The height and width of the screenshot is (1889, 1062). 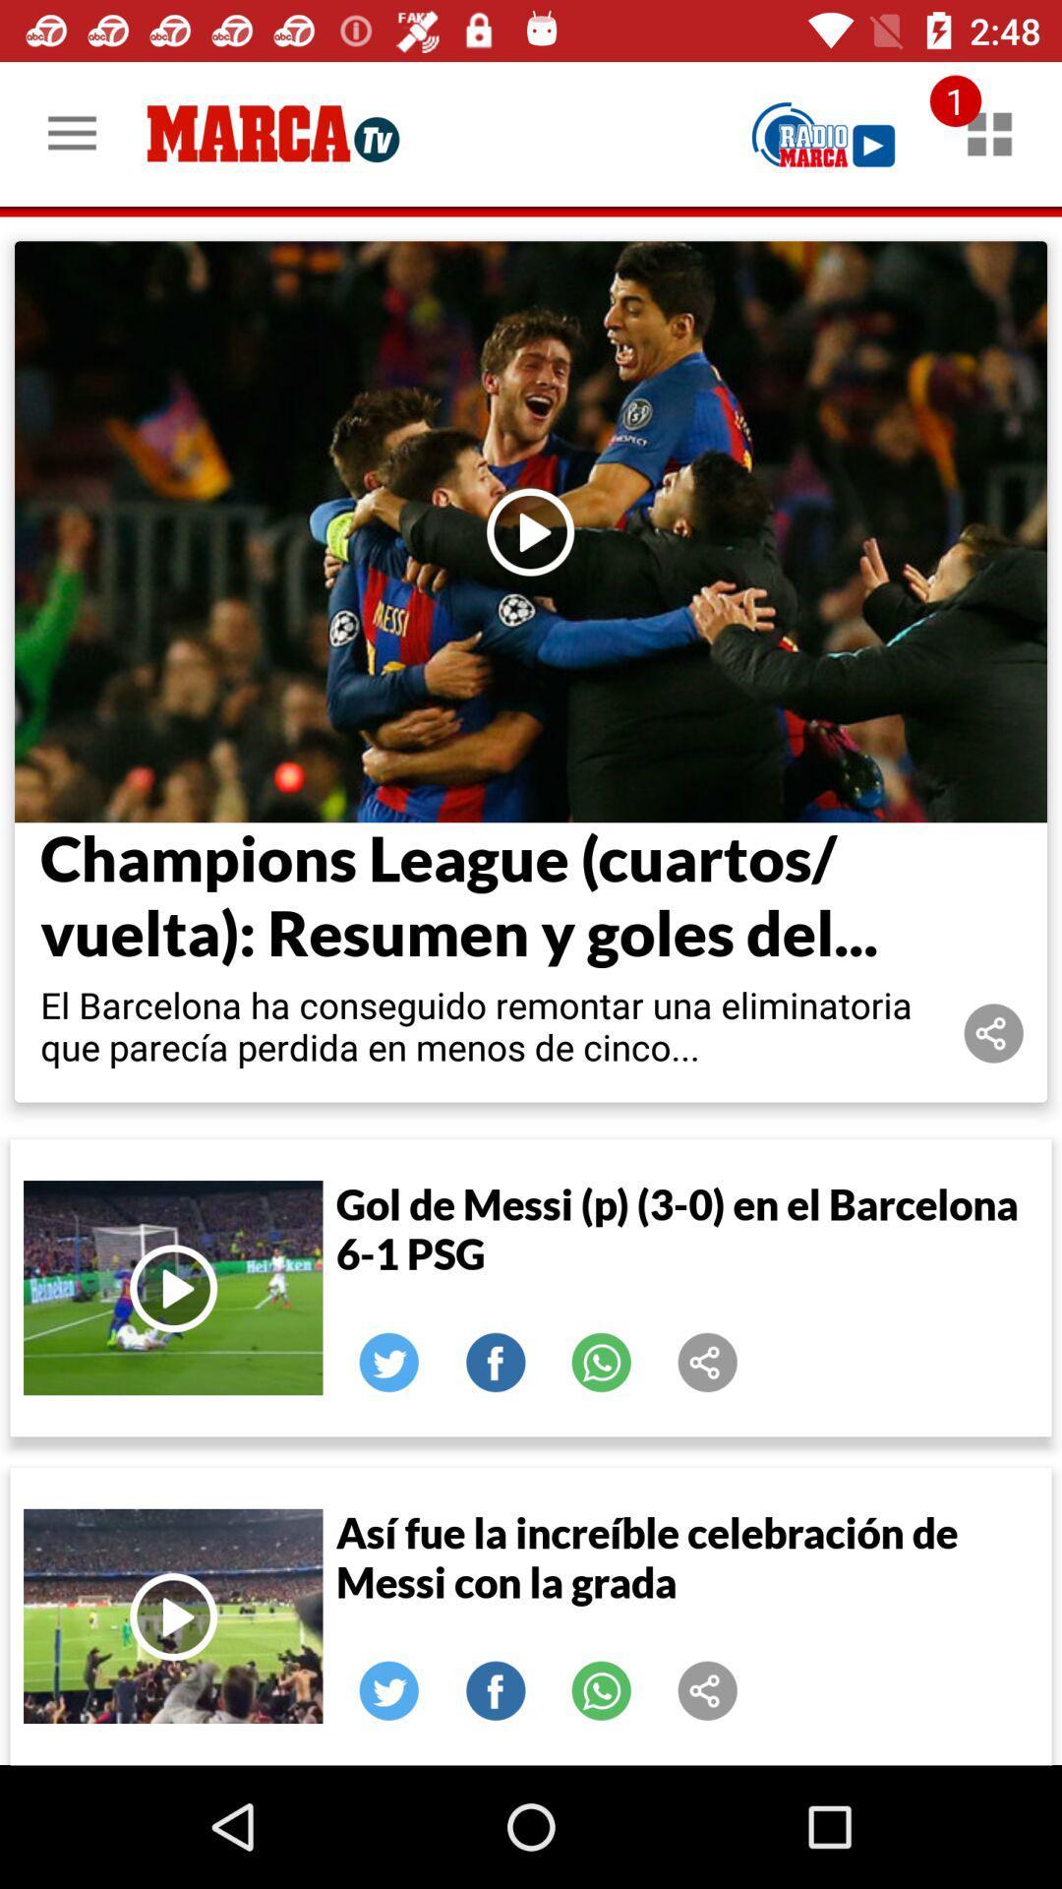 I want to click on video, so click(x=172, y=1288).